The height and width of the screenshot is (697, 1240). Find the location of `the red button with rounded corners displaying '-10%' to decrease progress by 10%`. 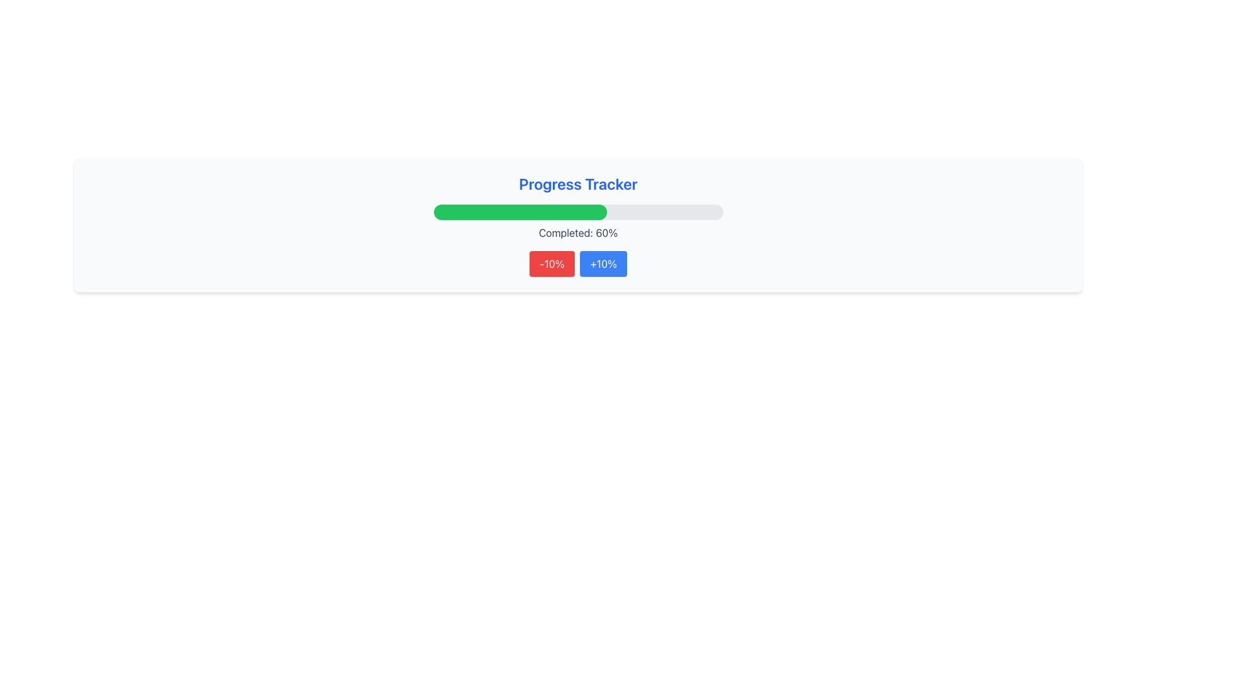

the red button with rounded corners displaying '-10%' to decrease progress by 10% is located at coordinates (552, 263).